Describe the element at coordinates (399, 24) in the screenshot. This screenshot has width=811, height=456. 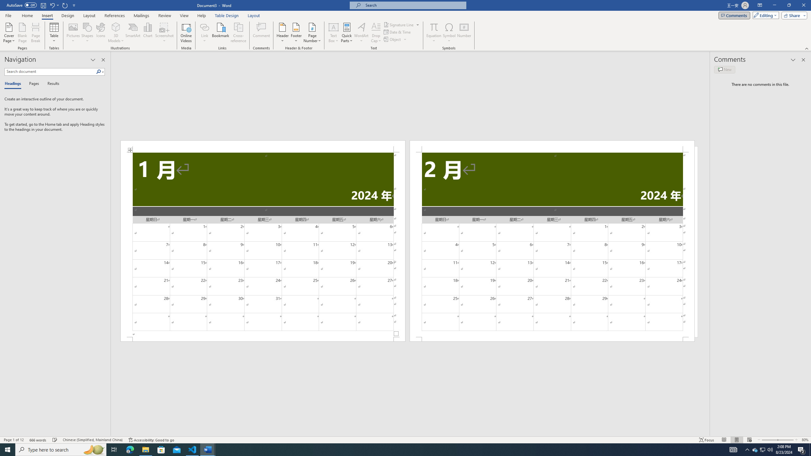
I see `'Signature Line'` at that location.